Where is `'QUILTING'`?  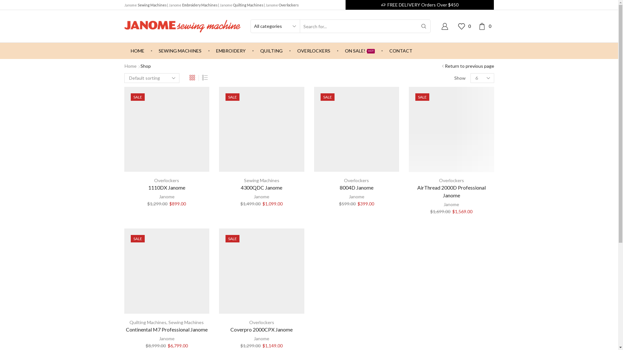
'QUILTING' is located at coordinates (271, 51).